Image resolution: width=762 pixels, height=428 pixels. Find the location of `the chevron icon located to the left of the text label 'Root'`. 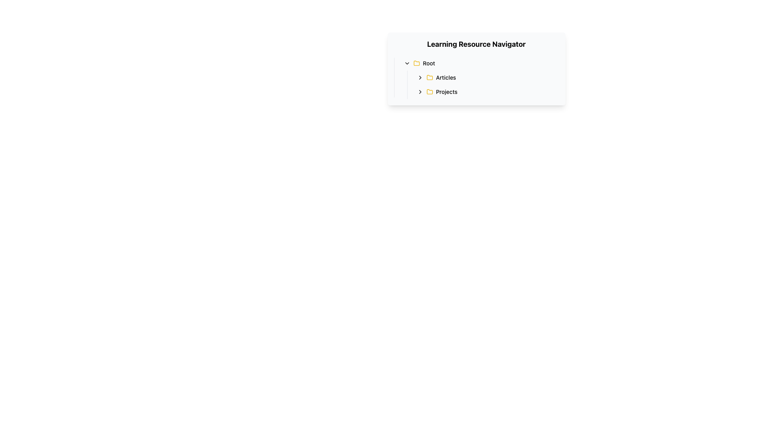

the chevron icon located to the left of the text label 'Root' is located at coordinates (407, 63).